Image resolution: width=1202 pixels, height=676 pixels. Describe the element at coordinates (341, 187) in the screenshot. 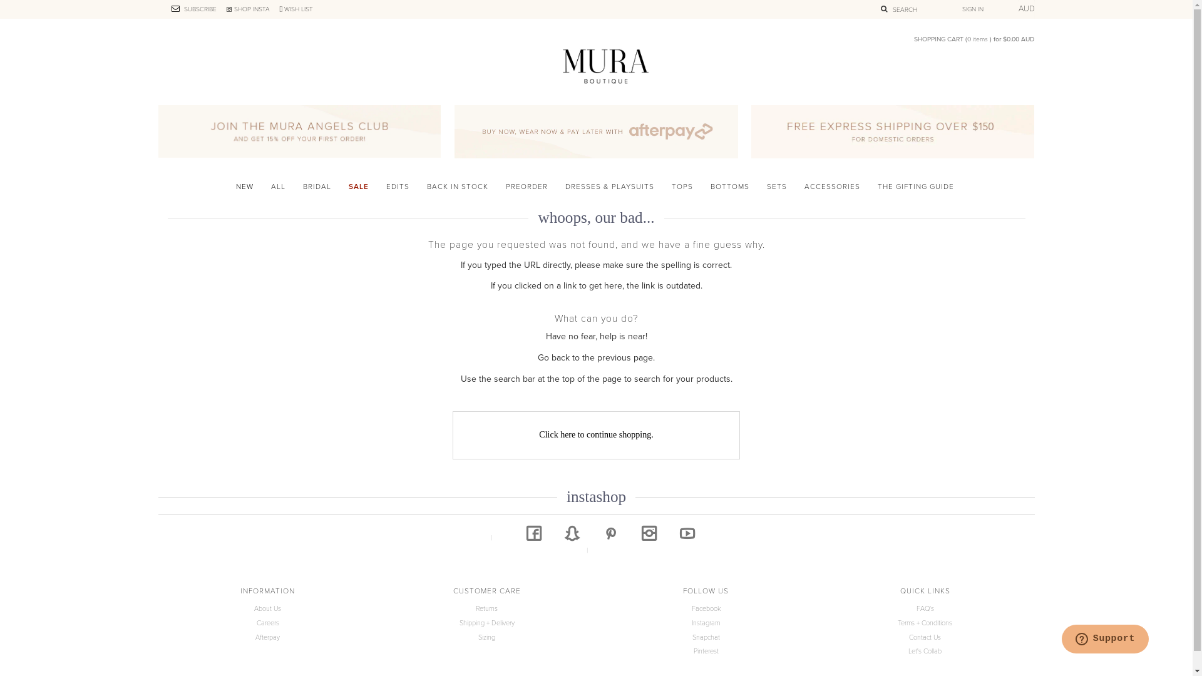

I see `'SALE'` at that location.